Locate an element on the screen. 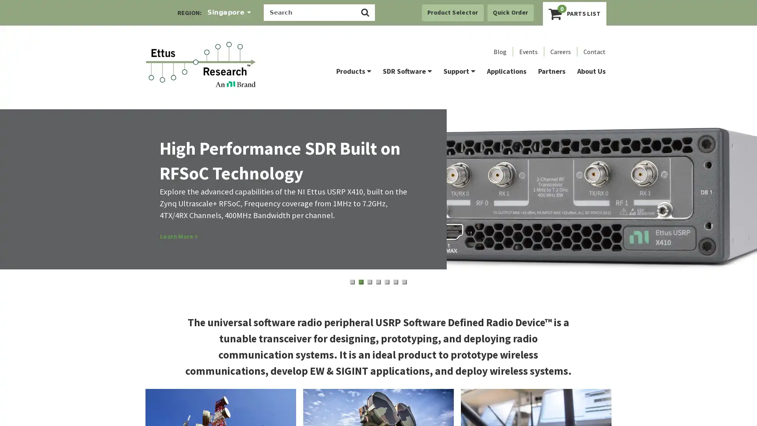  Previous is located at coordinates (23, 201).